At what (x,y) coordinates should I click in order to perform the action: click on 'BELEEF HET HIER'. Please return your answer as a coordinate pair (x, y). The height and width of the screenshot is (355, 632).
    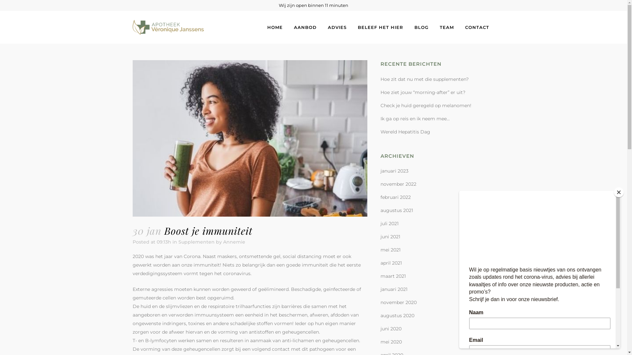
    Looking at the image, I should click on (381, 27).